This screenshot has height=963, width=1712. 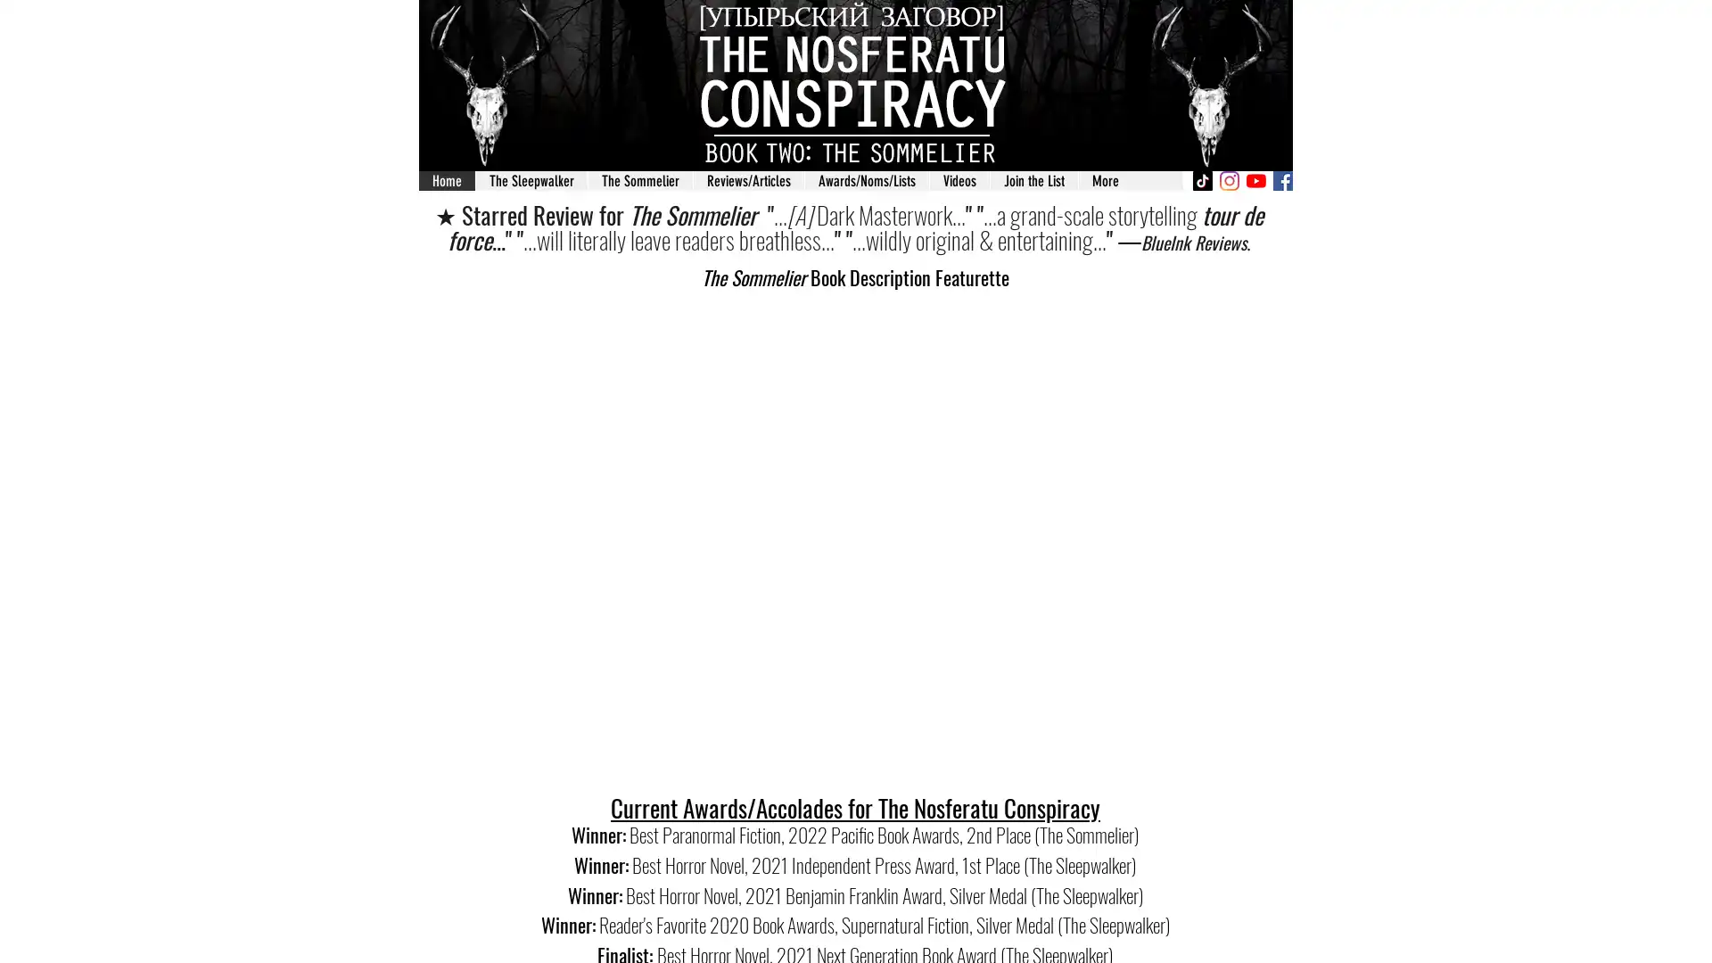 I want to click on Yes, Subscribe Now!, so click(x=854, y=588).